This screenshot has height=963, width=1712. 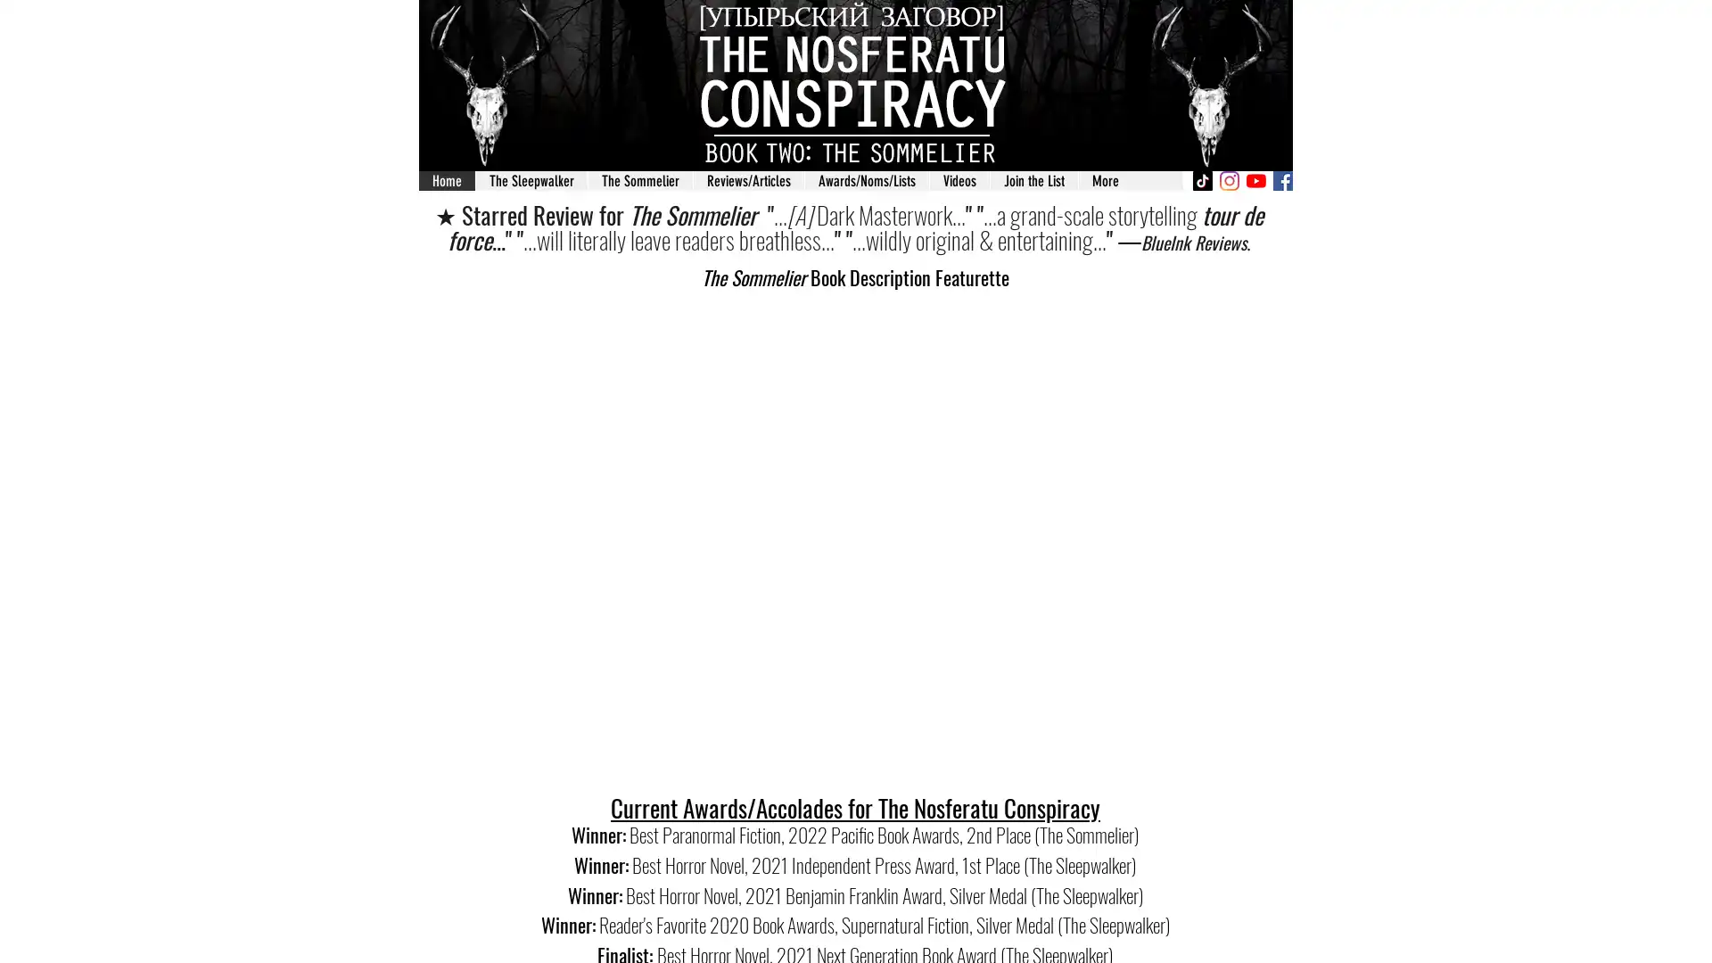 I want to click on Yes, Subscribe Now!, so click(x=854, y=588).